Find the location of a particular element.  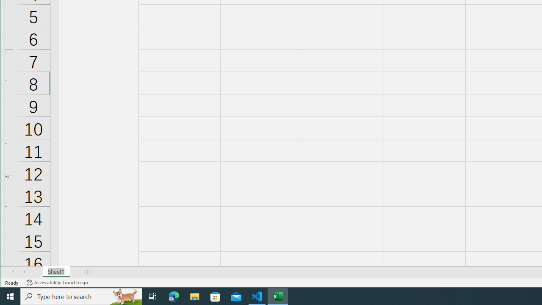

'Search highlights icon opens search home window' is located at coordinates (124, 296).